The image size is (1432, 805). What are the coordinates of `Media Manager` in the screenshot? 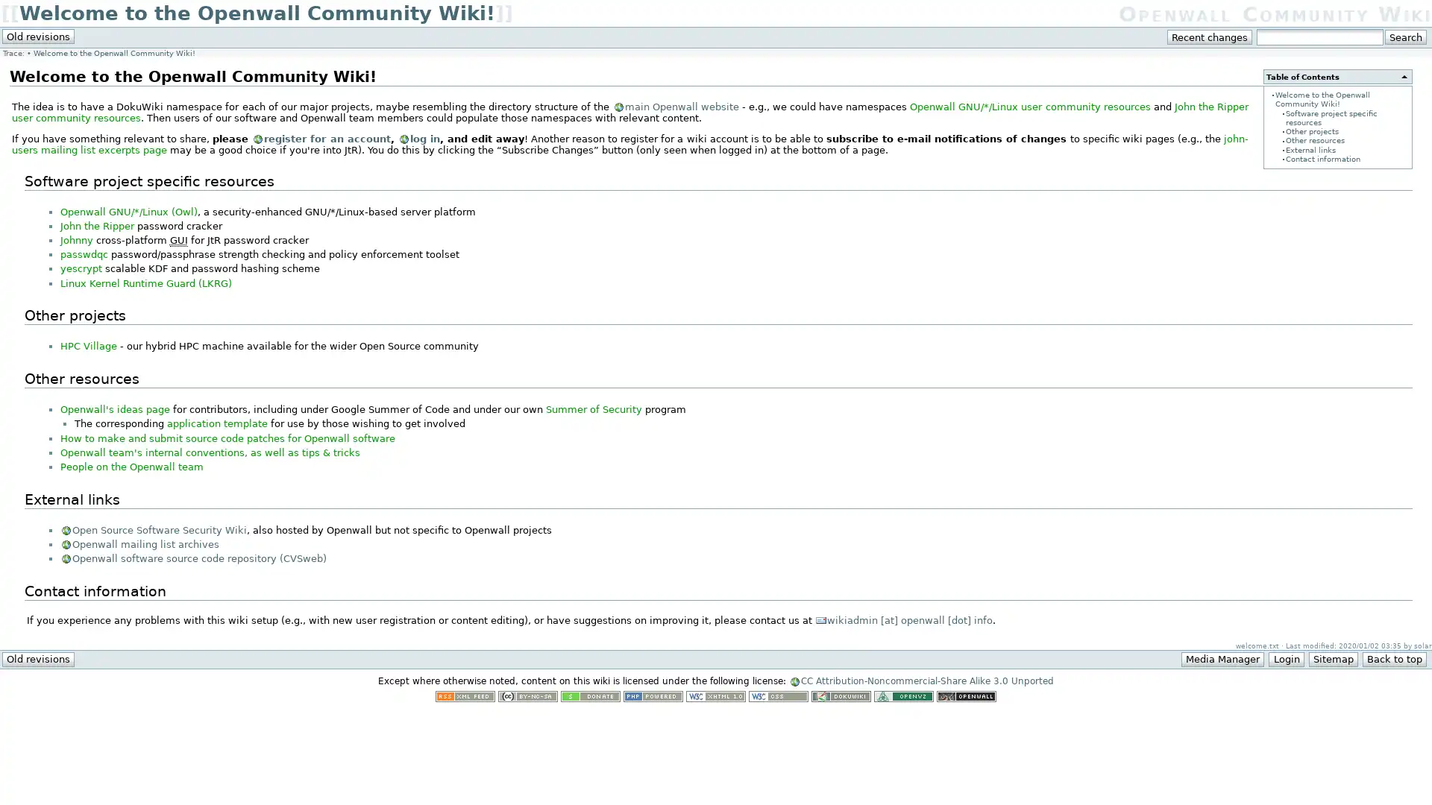 It's located at (1222, 658).